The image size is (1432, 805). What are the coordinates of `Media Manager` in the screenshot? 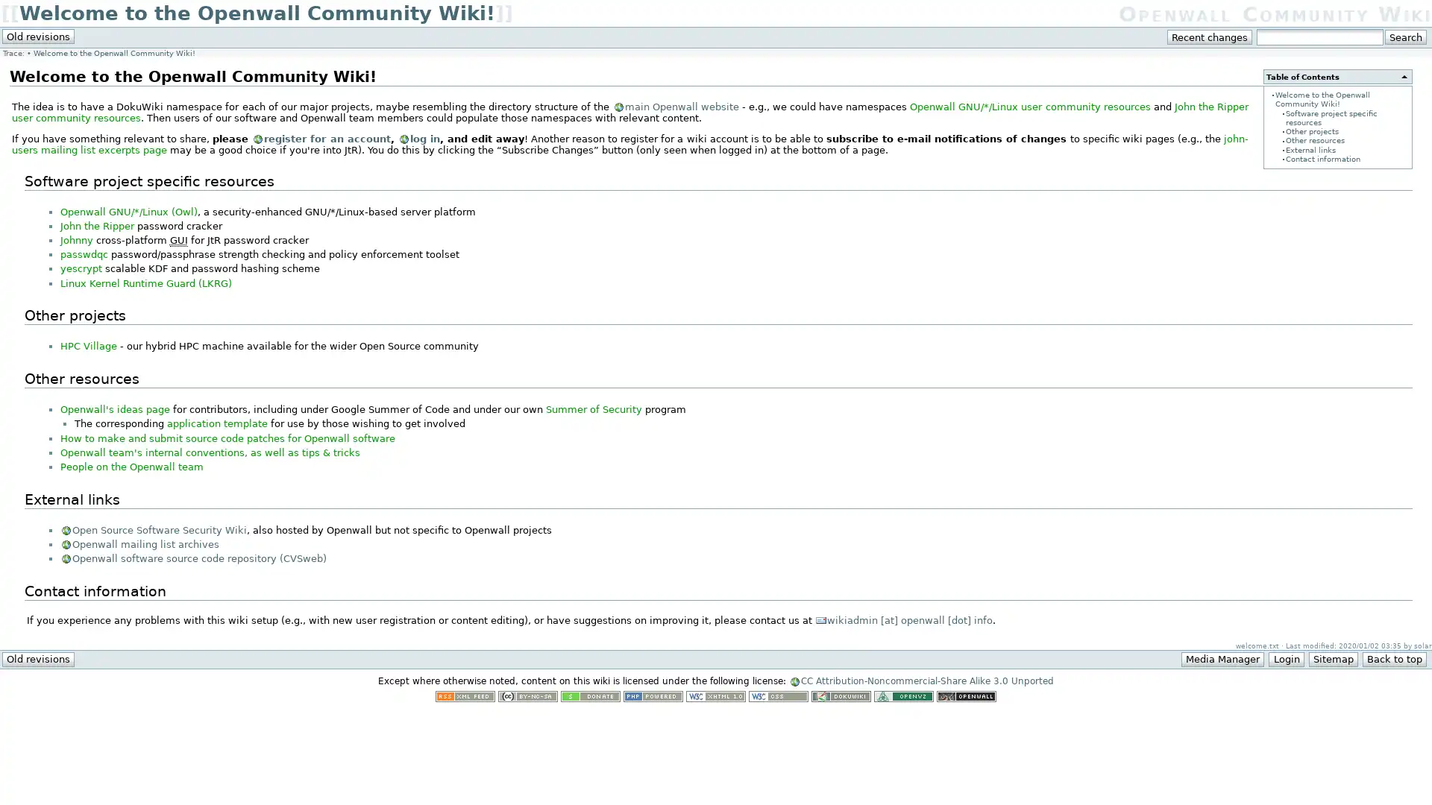 It's located at (1222, 658).